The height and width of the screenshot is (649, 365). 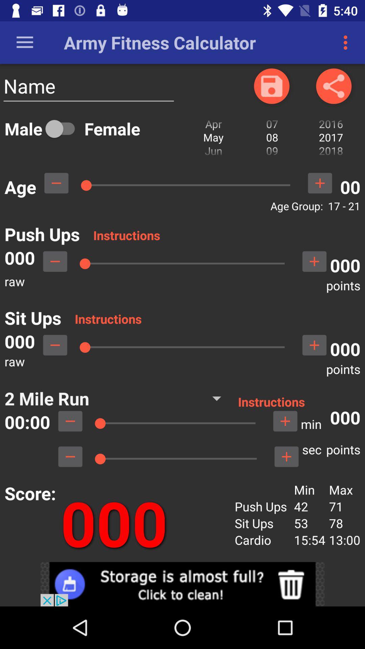 I want to click on reduce point option, so click(x=55, y=261).